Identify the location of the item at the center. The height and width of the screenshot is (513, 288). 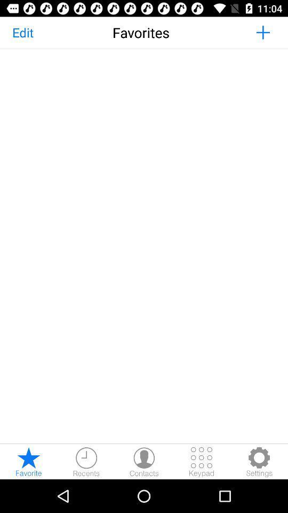
(144, 246).